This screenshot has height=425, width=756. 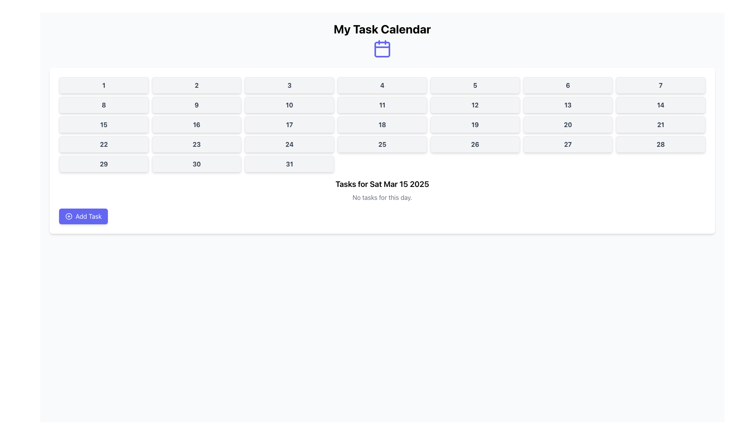 What do you see at coordinates (69, 216) in the screenshot?
I see `the icon within the 'Add Task' button located in the lower-left corner of the calendar interface to symbolize adding new tasks` at bounding box center [69, 216].